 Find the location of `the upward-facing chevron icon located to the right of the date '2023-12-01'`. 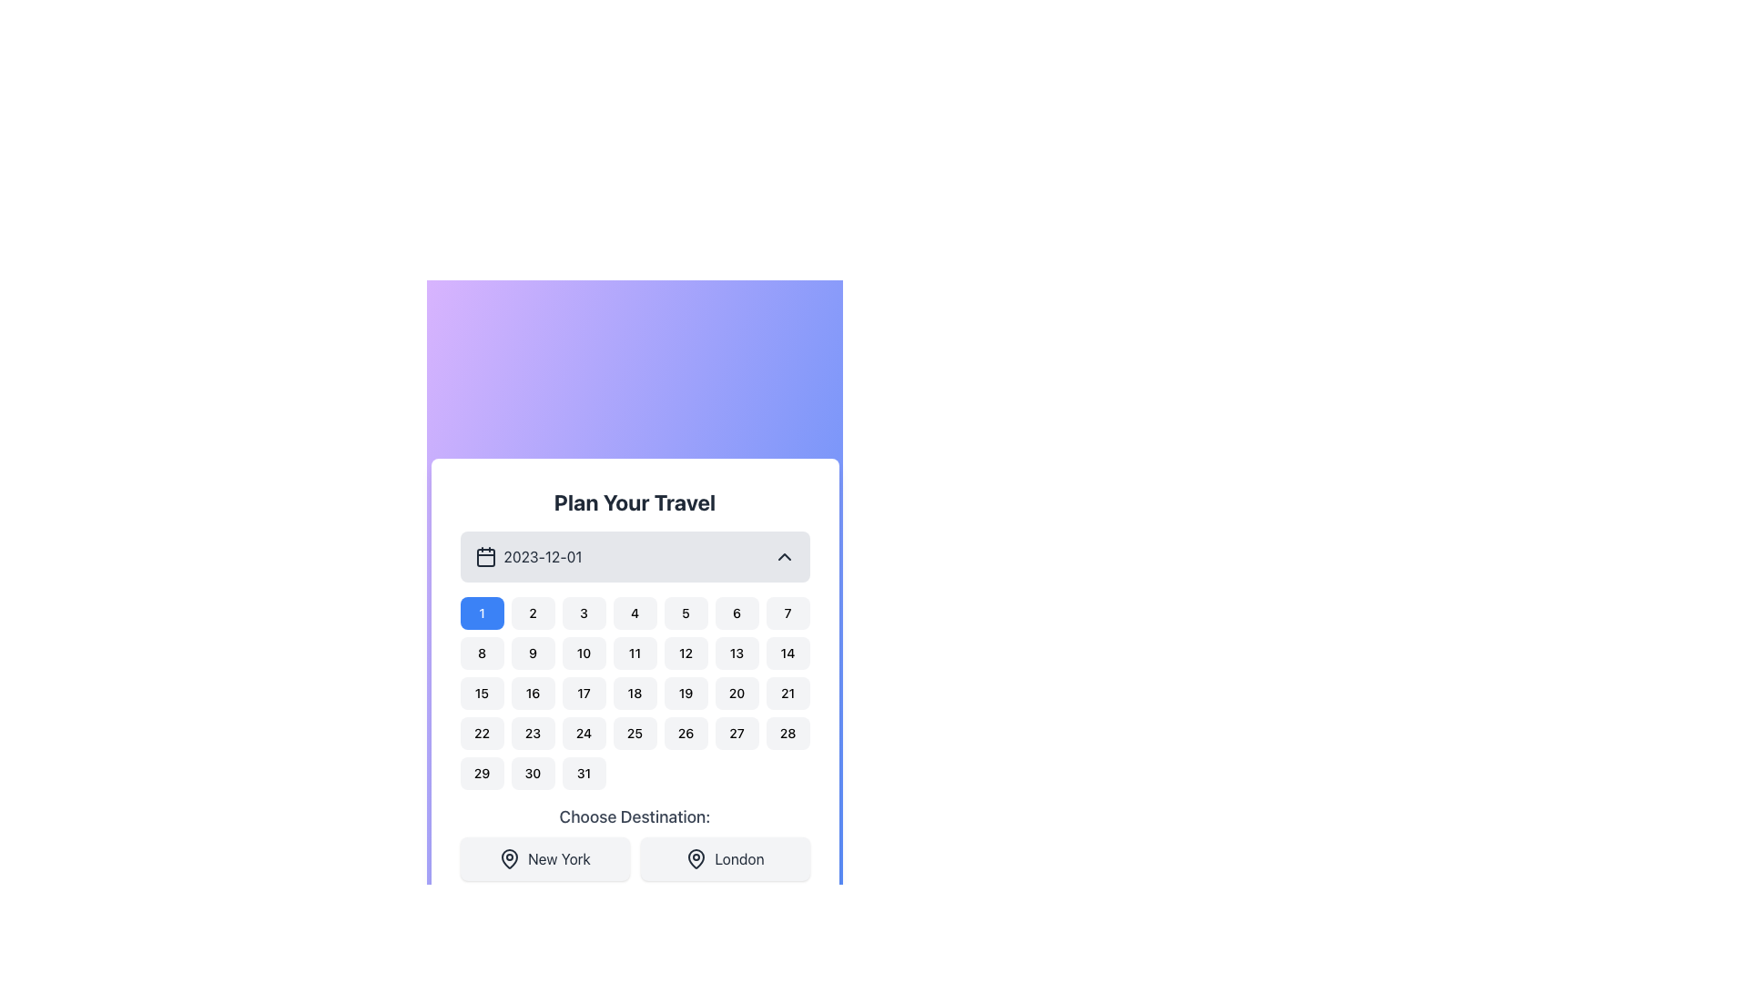

the upward-facing chevron icon located to the right of the date '2023-12-01' is located at coordinates (784, 556).